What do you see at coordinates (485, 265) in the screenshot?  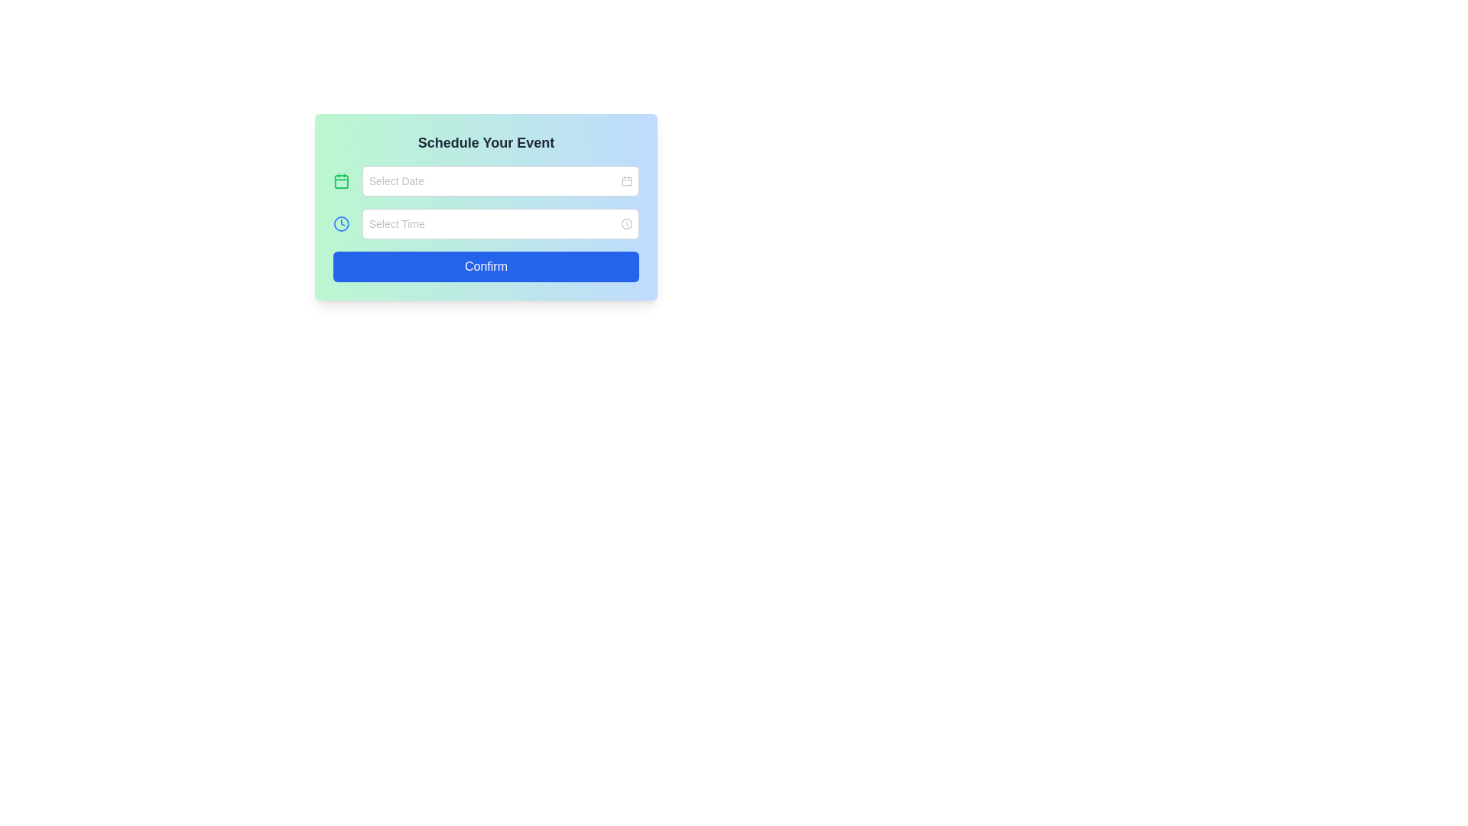 I see `the 'Confirm' button at the bottom of the 'Schedule Your Event' panel` at bounding box center [485, 265].